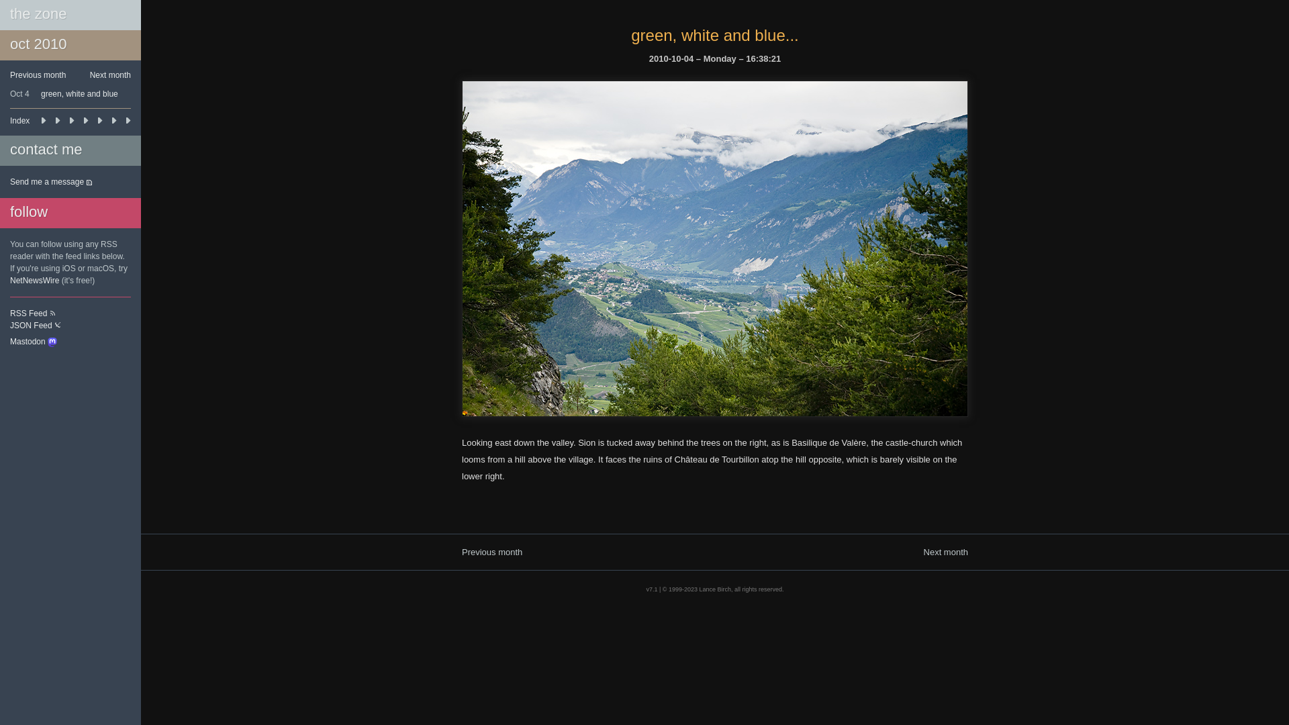 The height and width of the screenshot is (725, 1289). I want to click on 'JSON Feed', so click(35, 326).